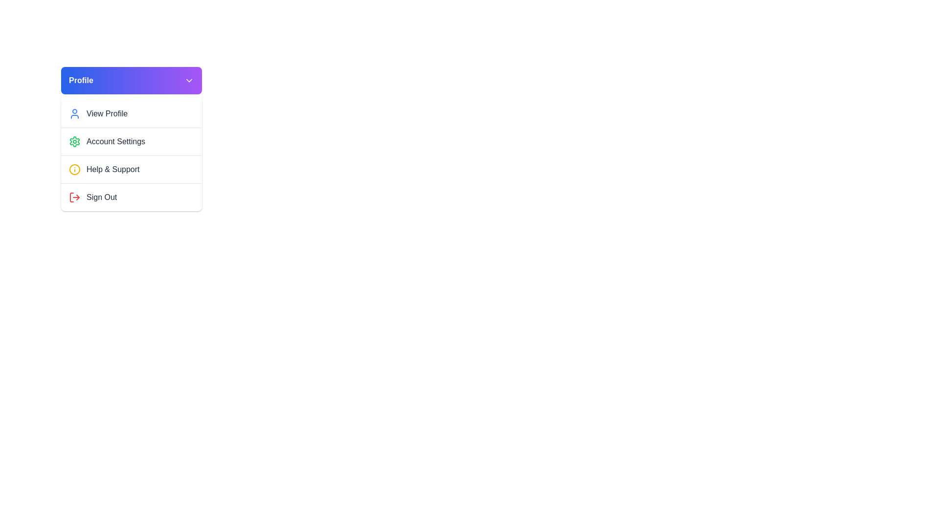 Image resolution: width=939 pixels, height=528 pixels. What do you see at coordinates (102, 198) in the screenshot?
I see `the 'Sign Out' textual label in gray font located at the bottom of the dropdown menu, next to the red logout icon` at bounding box center [102, 198].